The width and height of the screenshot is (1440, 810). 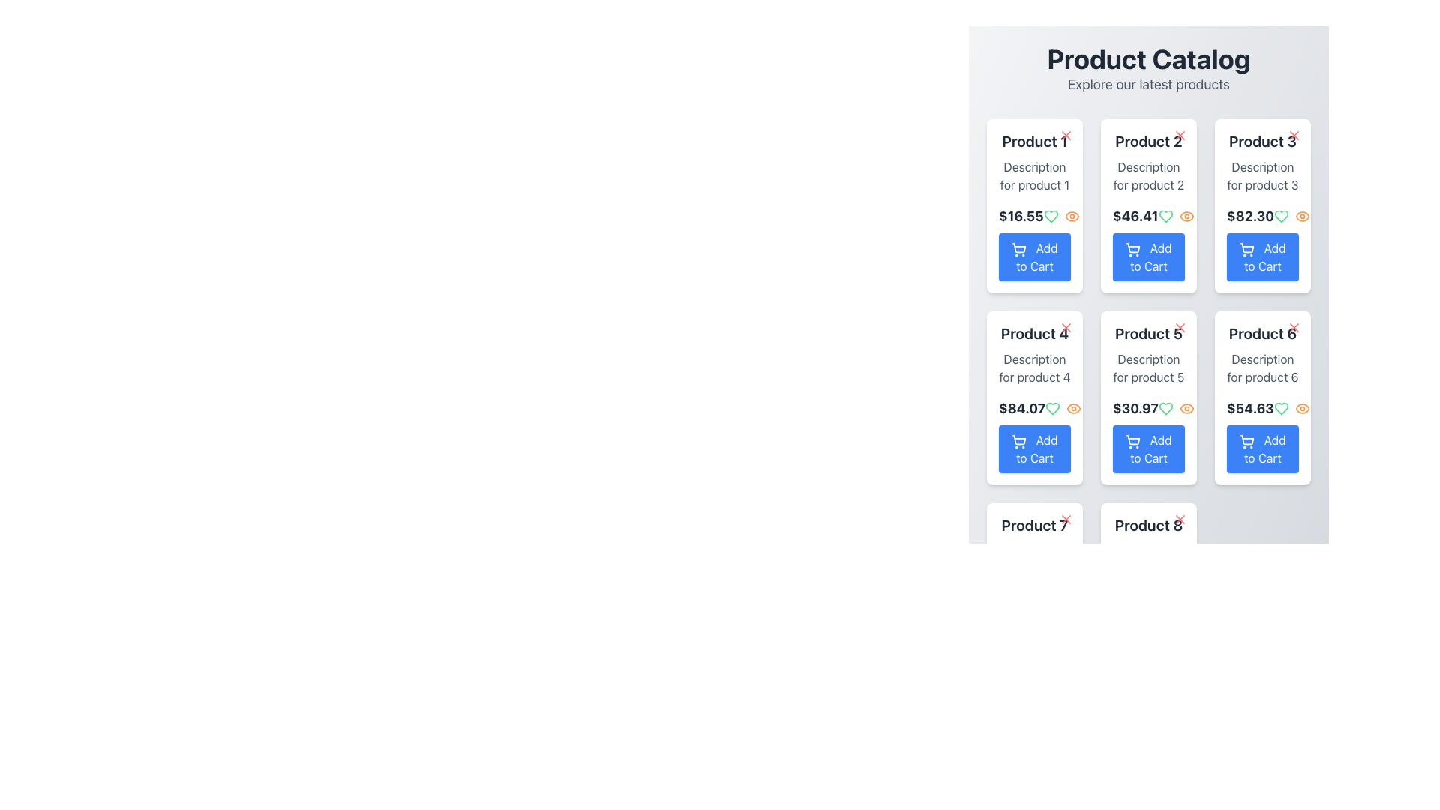 What do you see at coordinates (1262, 205) in the screenshot?
I see `the 'Add to Cart' button on the Product Card for 'Product 3', which is located in the third column of the first row in the product grid` at bounding box center [1262, 205].